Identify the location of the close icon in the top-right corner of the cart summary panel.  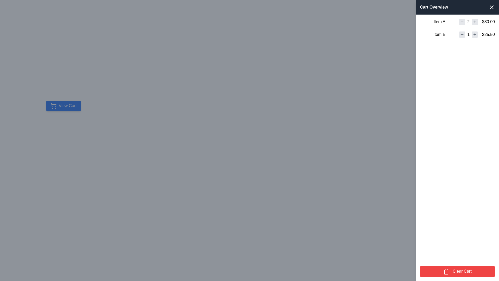
(491, 7).